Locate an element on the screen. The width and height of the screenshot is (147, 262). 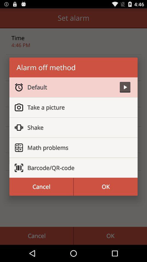
icon to the right of the default item is located at coordinates (125, 87).